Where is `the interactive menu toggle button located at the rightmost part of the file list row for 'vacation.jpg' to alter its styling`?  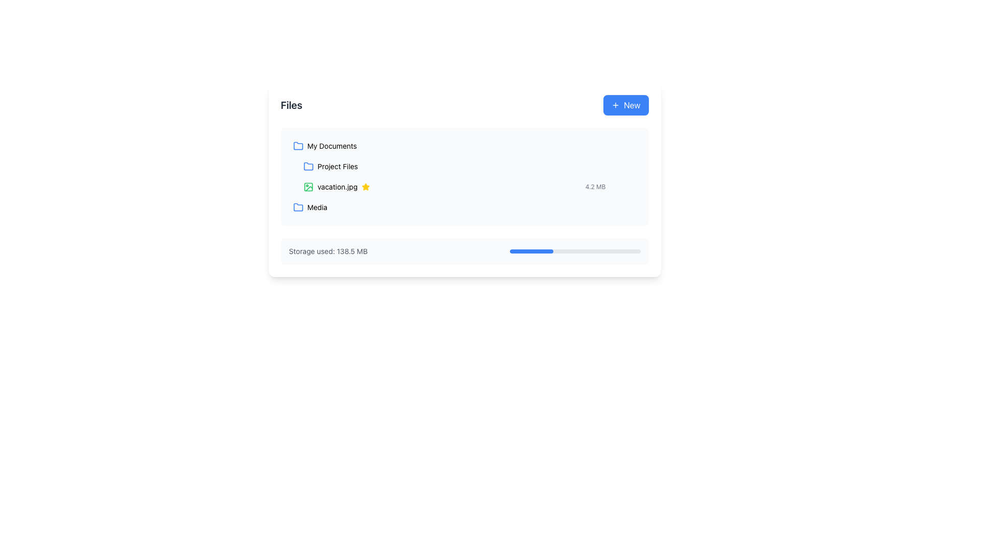 the interactive menu toggle button located at the rightmost part of the file list row for 'vacation.jpg' to alter its styling is located at coordinates (629, 166).